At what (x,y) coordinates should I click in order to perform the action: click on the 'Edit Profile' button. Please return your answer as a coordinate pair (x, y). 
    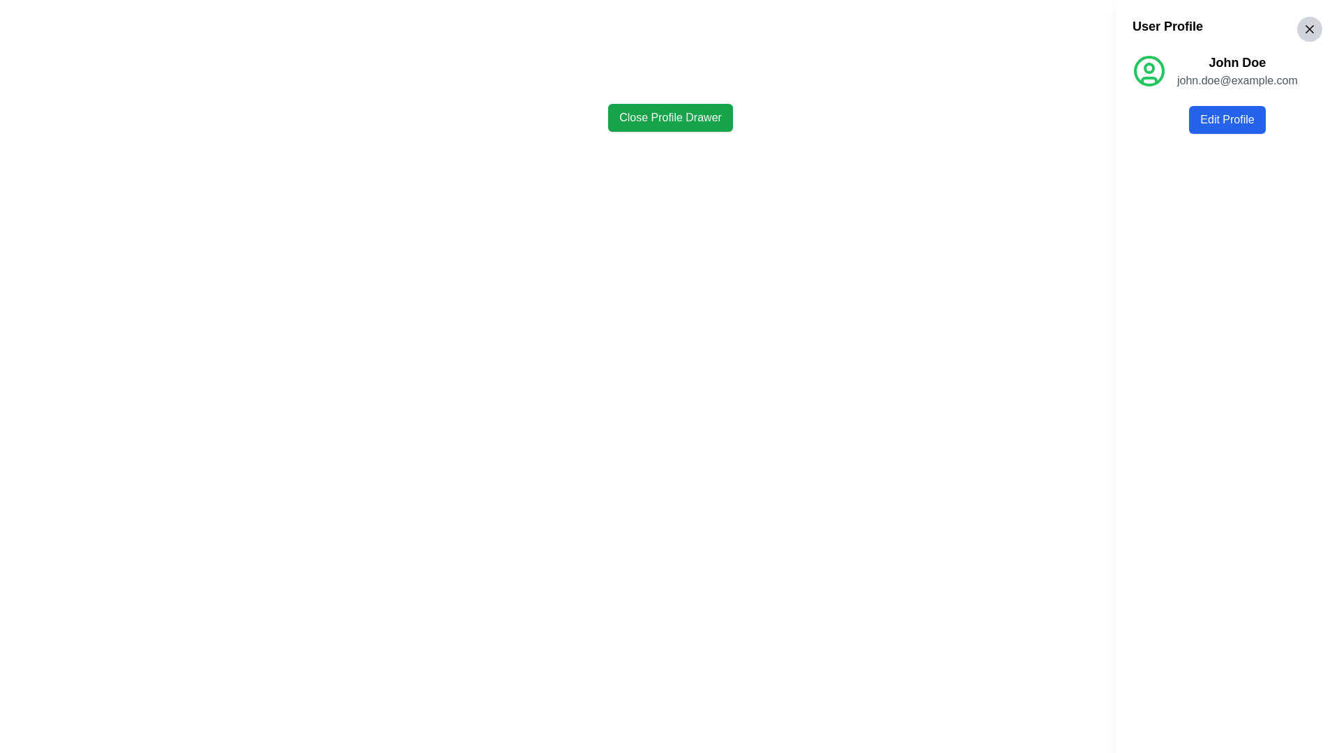
    Looking at the image, I should click on (1227, 119).